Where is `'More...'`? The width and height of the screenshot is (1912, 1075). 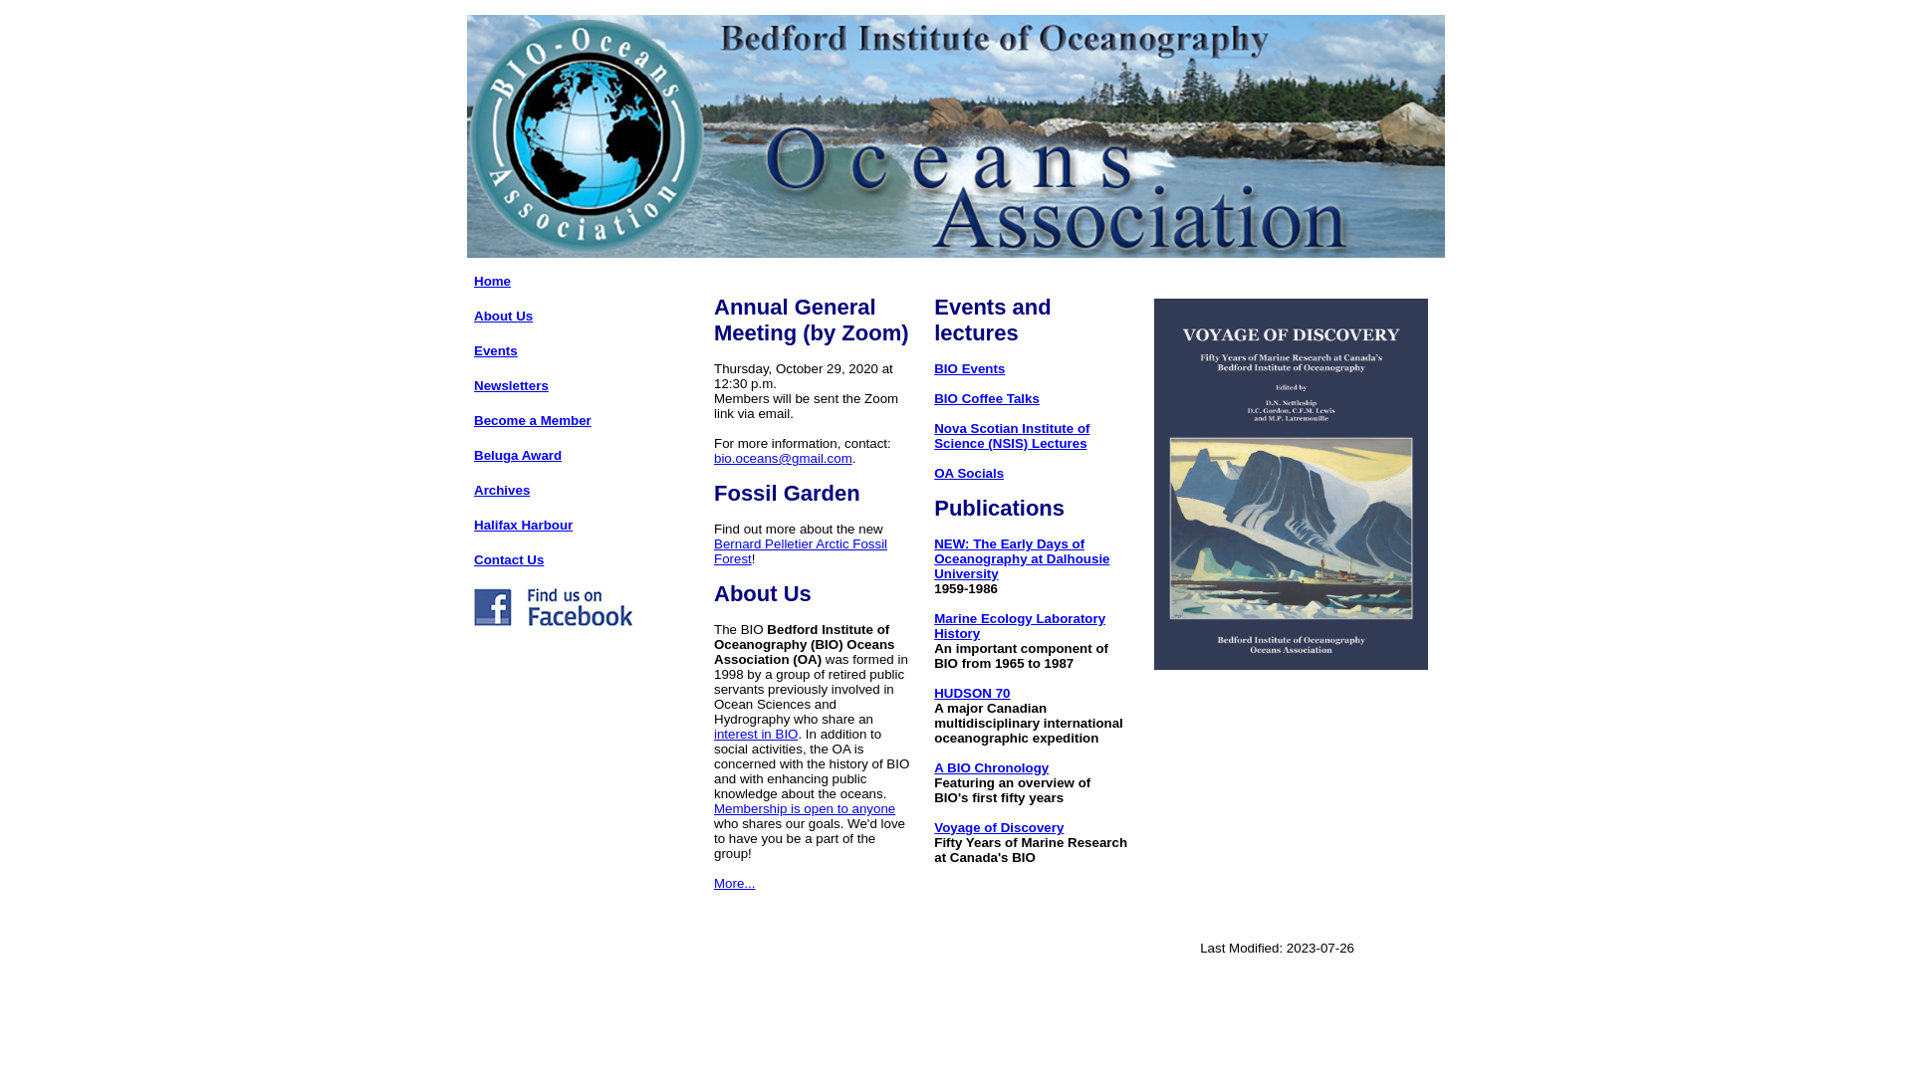 'More...' is located at coordinates (733, 882).